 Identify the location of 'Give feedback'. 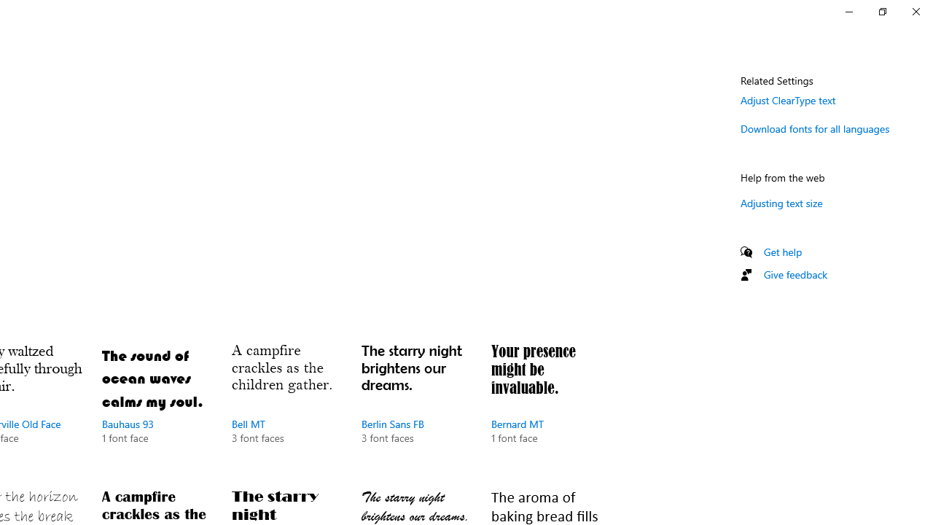
(795, 274).